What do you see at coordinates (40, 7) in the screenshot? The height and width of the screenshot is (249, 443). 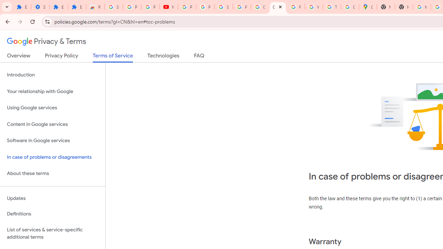 I see `'Settings'` at bounding box center [40, 7].